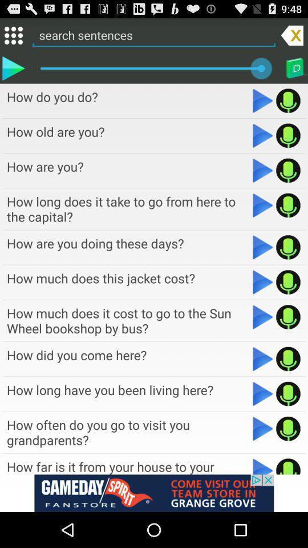  What do you see at coordinates (263, 135) in the screenshot?
I see `option` at bounding box center [263, 135].